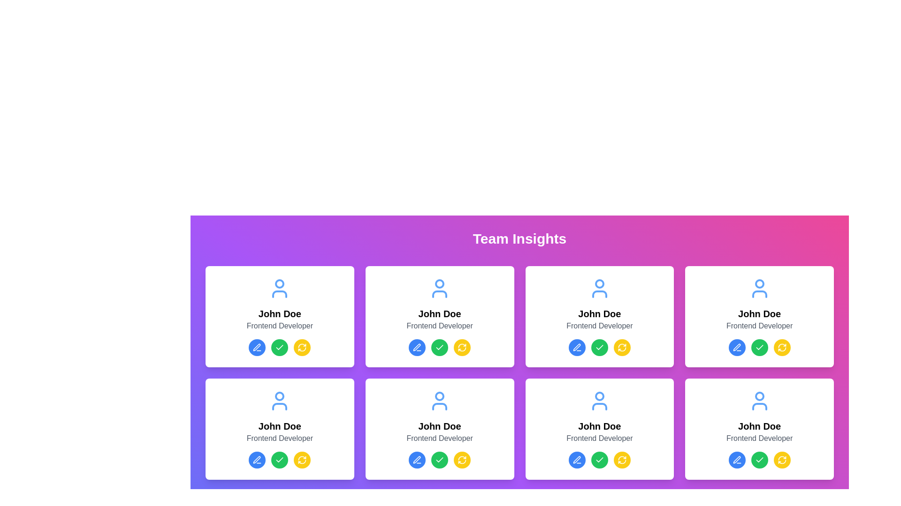 The width and height of the screenshot is (901, 506). Describe the element at coordinates (759, 439) in the screenshot. I see `the text label displaying 'Frontend Developer' in gray font, located below 'John Doe' in the last card of the second row` at that location.